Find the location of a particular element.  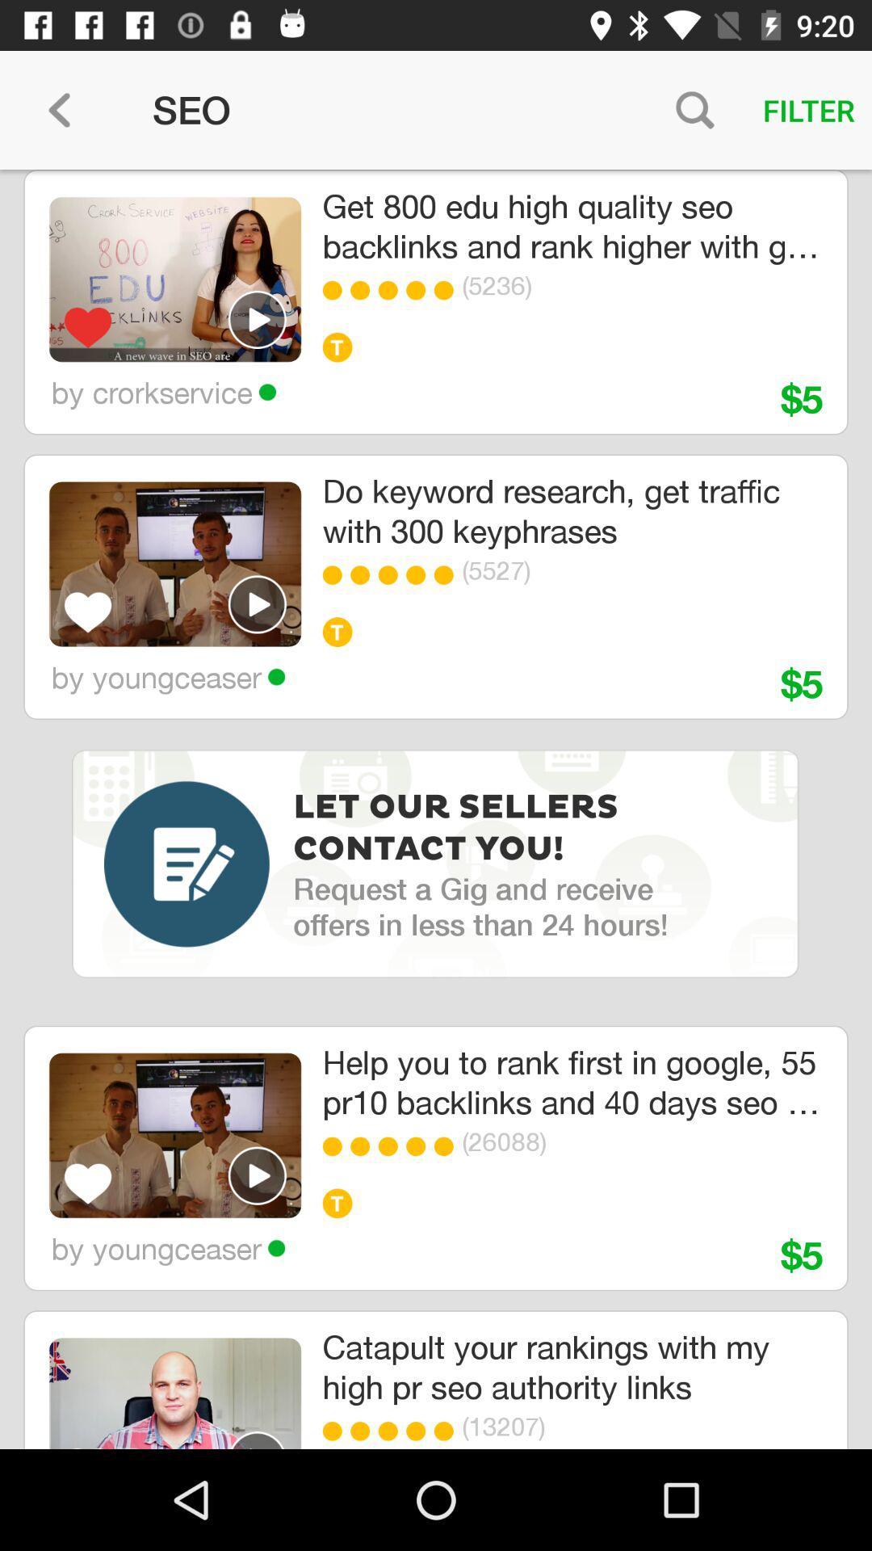

the video is located at coordinates (257, 1440).